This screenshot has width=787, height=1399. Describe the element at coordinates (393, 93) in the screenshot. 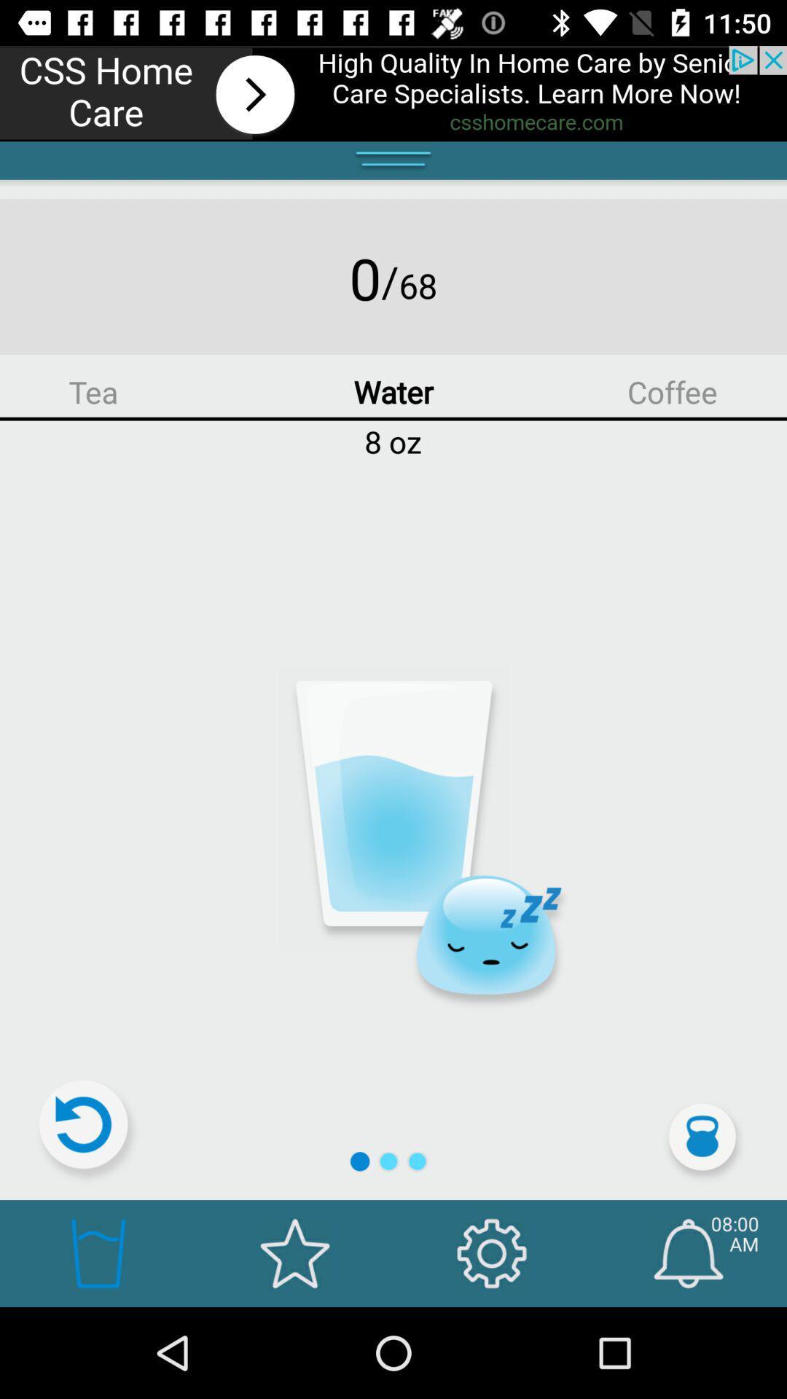

I see `banner` at that location.